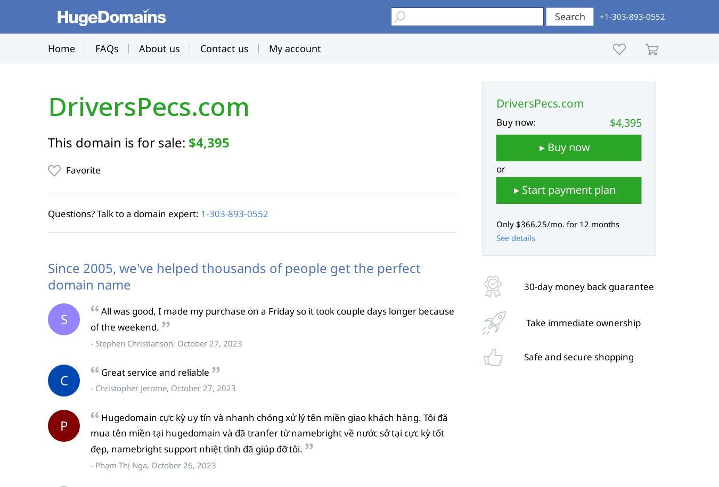 Image resolution: width=719 pixels, height=487 pixels. Describe the element at coordinates (166, 342) in the screenshot. I see `'- Stephen Christianson, October 27, 2023'` at that location.